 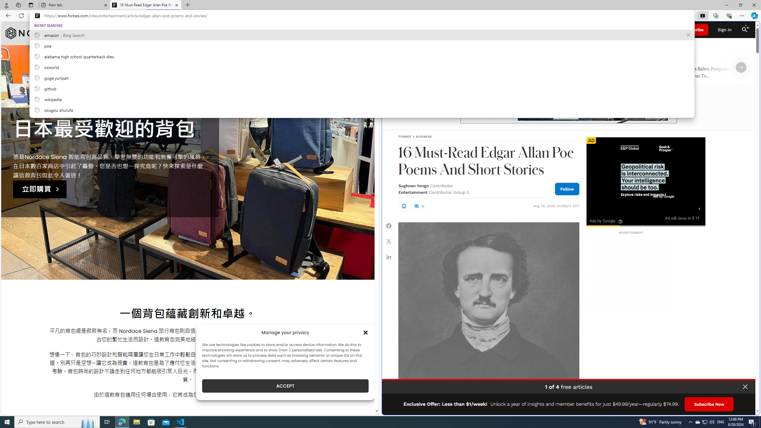 I want to click on 'amazon, recent searches from history', so click(x=361, y=34).